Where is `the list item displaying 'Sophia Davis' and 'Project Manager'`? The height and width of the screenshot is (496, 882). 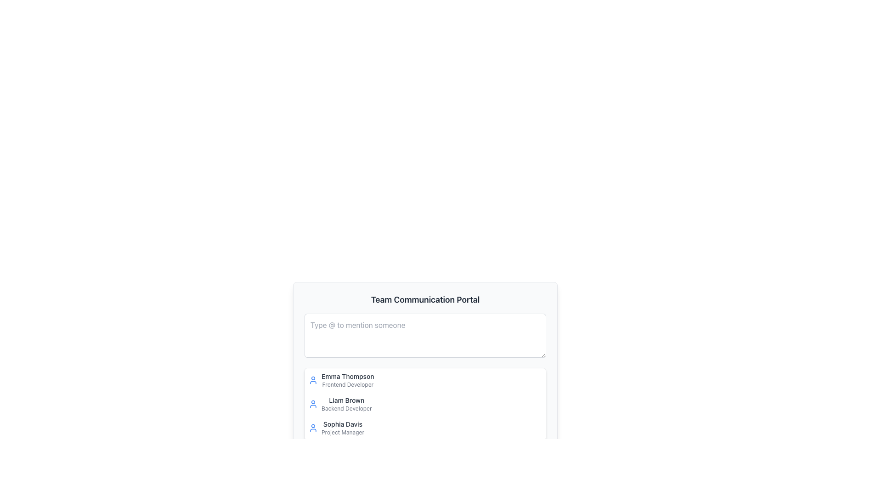 the list item displaying 'Sophia Davis' and 'Project Manager' is located at coordinates (425, 428).